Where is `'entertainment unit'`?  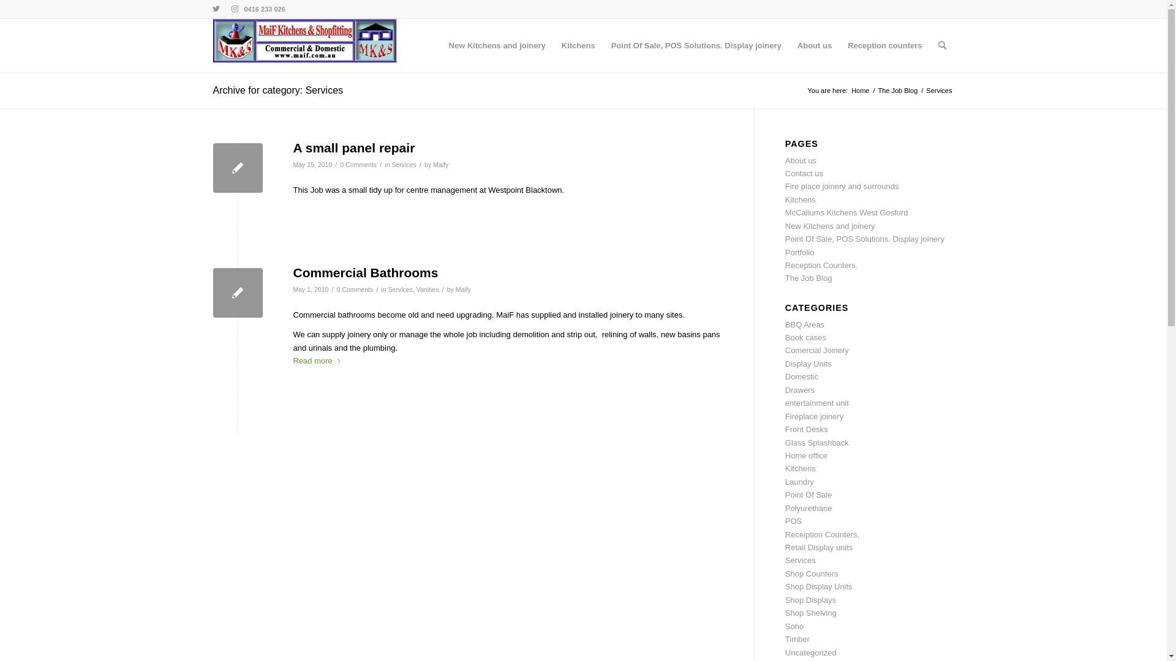 'entertainment unit' is located at coordinates (817, 403).